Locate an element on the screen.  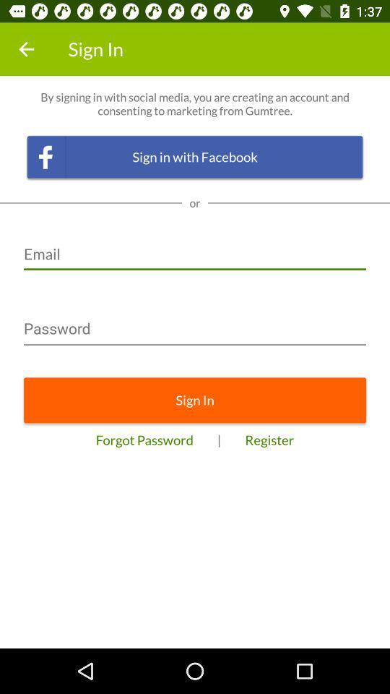
the icon next to the | is located at coordinates (269, 439).